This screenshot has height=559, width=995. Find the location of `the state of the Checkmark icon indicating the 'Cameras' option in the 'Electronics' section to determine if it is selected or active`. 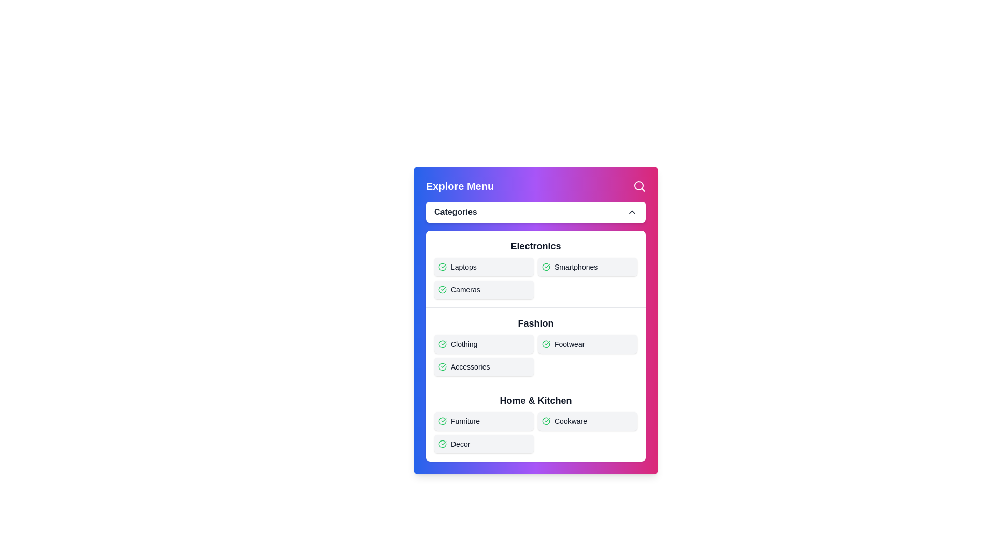

the state of the Checkmark icon indicating the 'Cameras' option in the 'Electronics' section to determine if it is selected or active is located at coordinates (443, 289).